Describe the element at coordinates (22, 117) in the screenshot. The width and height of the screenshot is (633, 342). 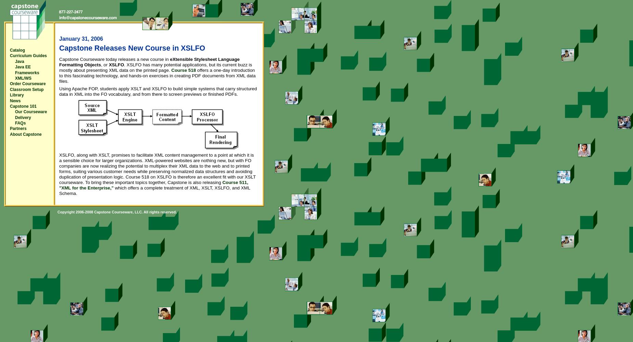
I see `'Delivery'` at that location.